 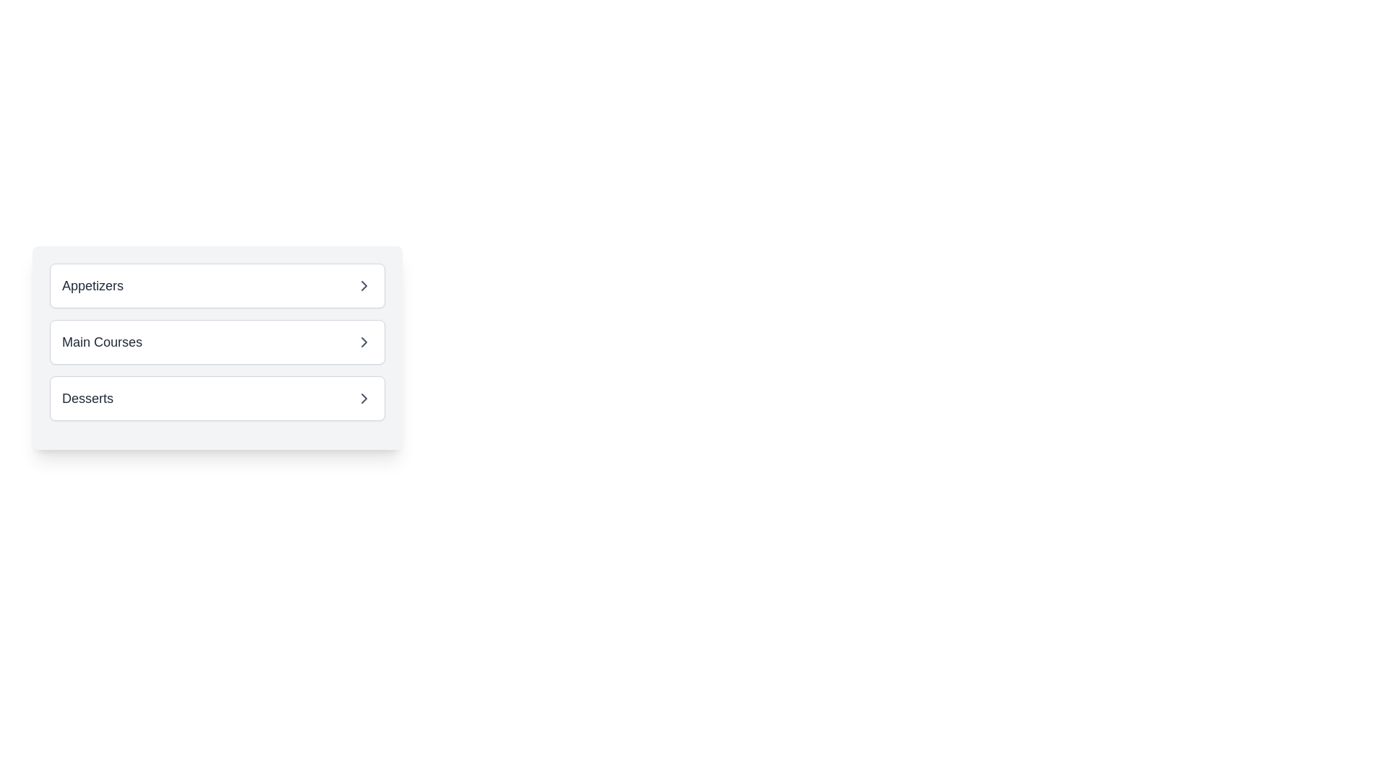 I want to click on the 'Desserts' text label, which serves as a title for the Desserts section located underneath the Appetizers and Main Courses labels, so click(x=87, y=398).